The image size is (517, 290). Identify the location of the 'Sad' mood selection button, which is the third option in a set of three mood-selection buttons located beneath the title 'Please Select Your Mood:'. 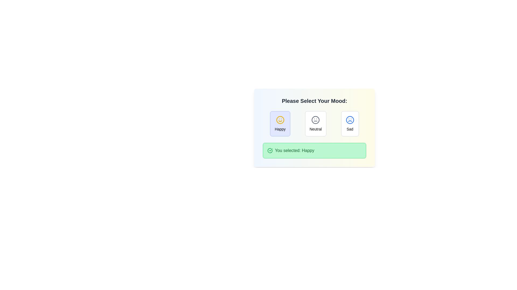
(350, 124).